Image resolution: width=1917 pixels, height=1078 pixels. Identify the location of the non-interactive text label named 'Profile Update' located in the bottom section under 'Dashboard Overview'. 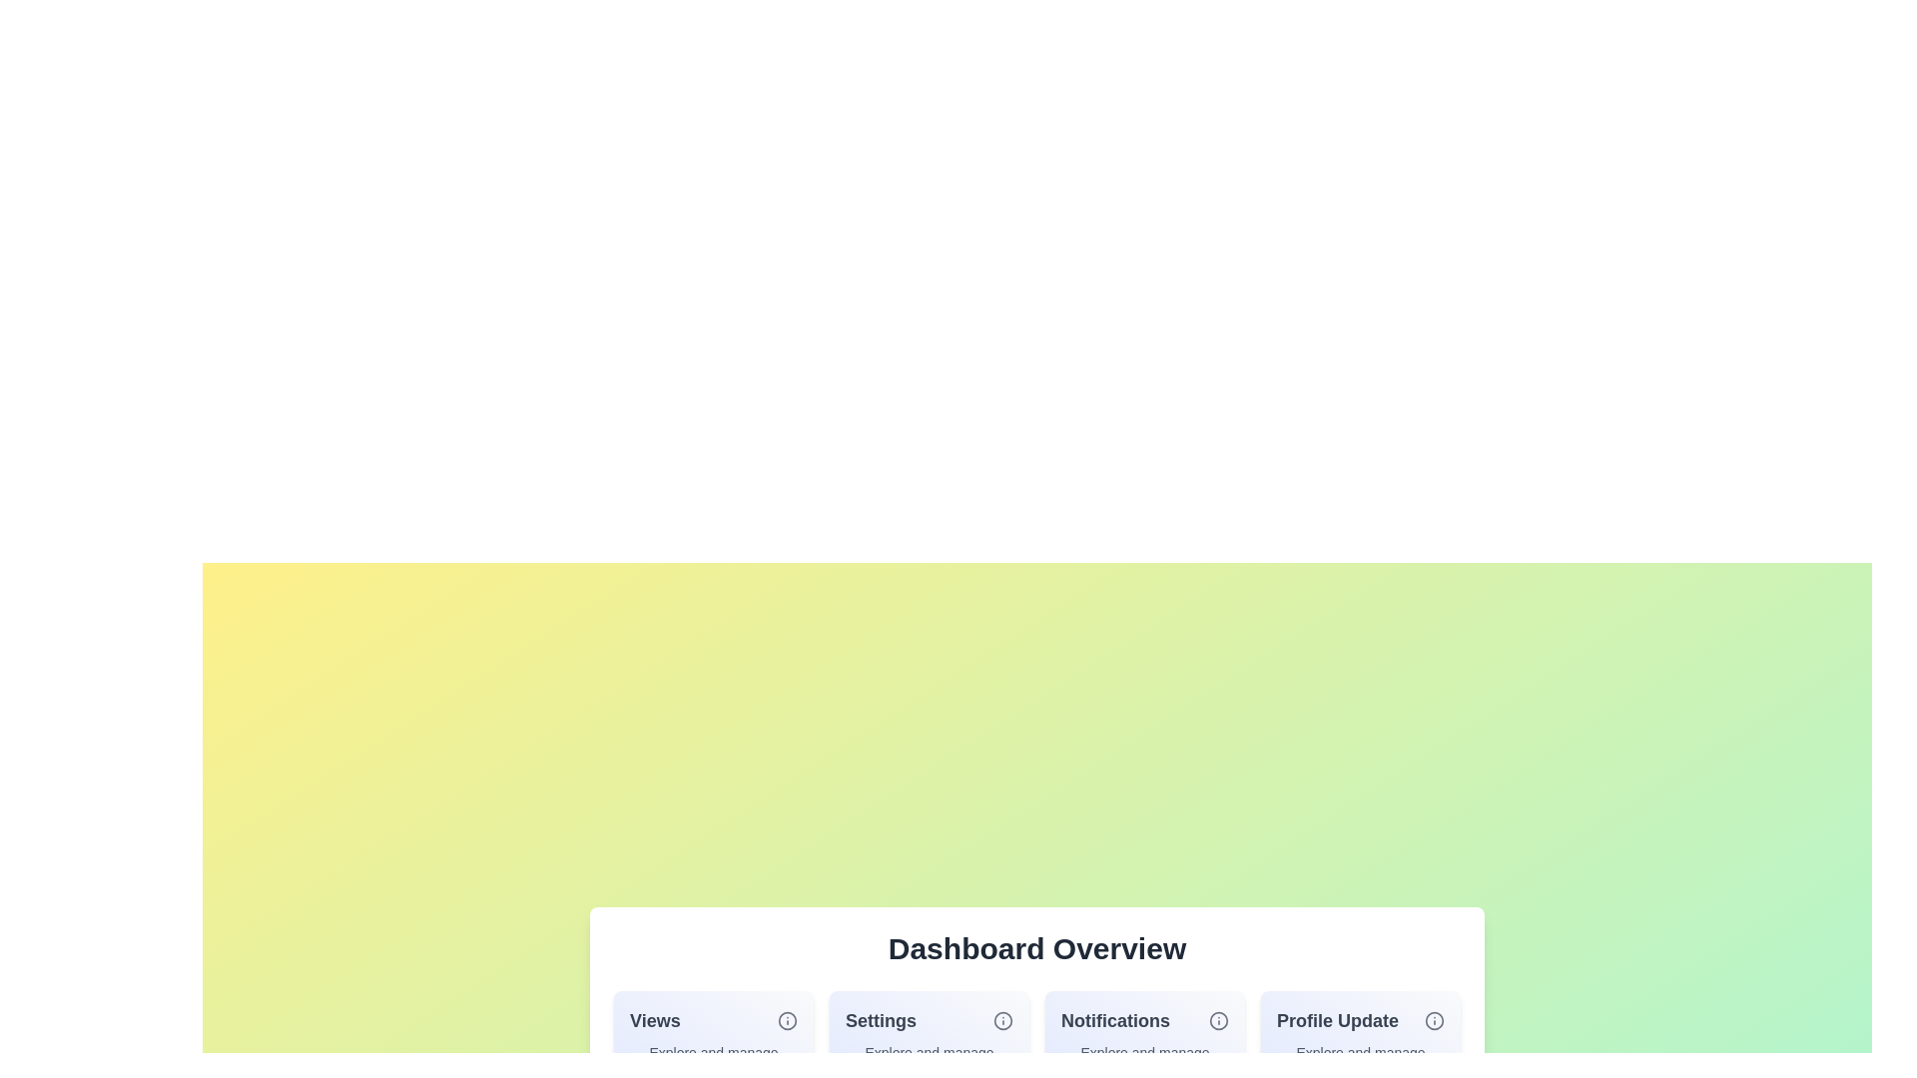
(1337, 1020).